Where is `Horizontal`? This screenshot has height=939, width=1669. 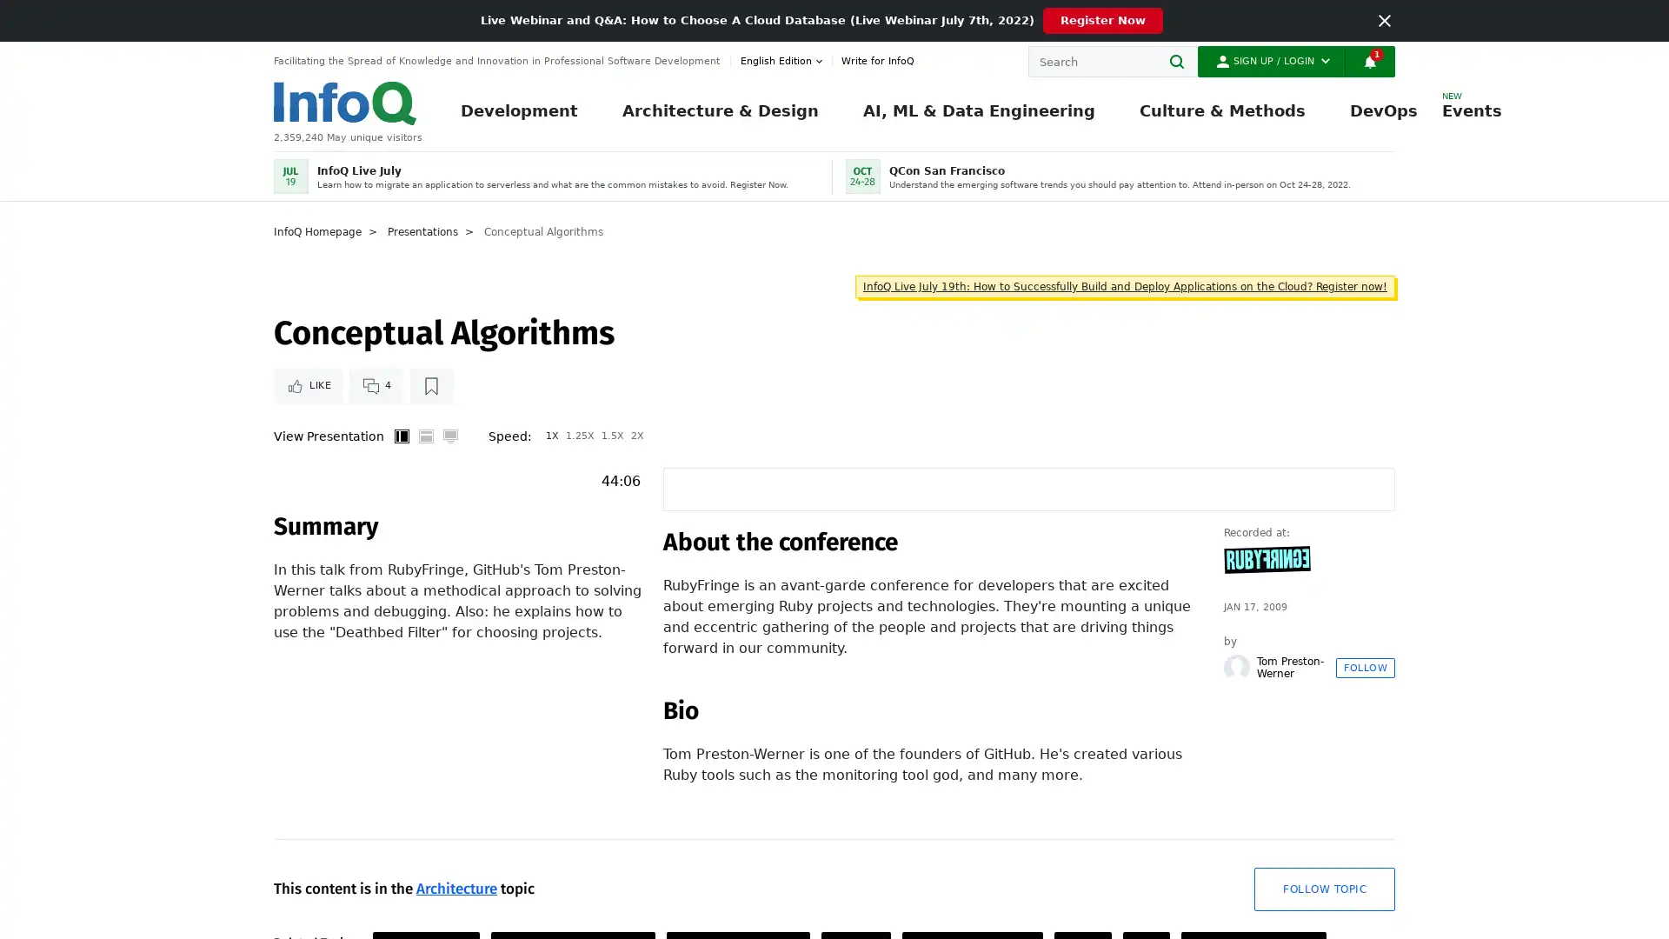 Horizontal is located at coordinates (425, 498).